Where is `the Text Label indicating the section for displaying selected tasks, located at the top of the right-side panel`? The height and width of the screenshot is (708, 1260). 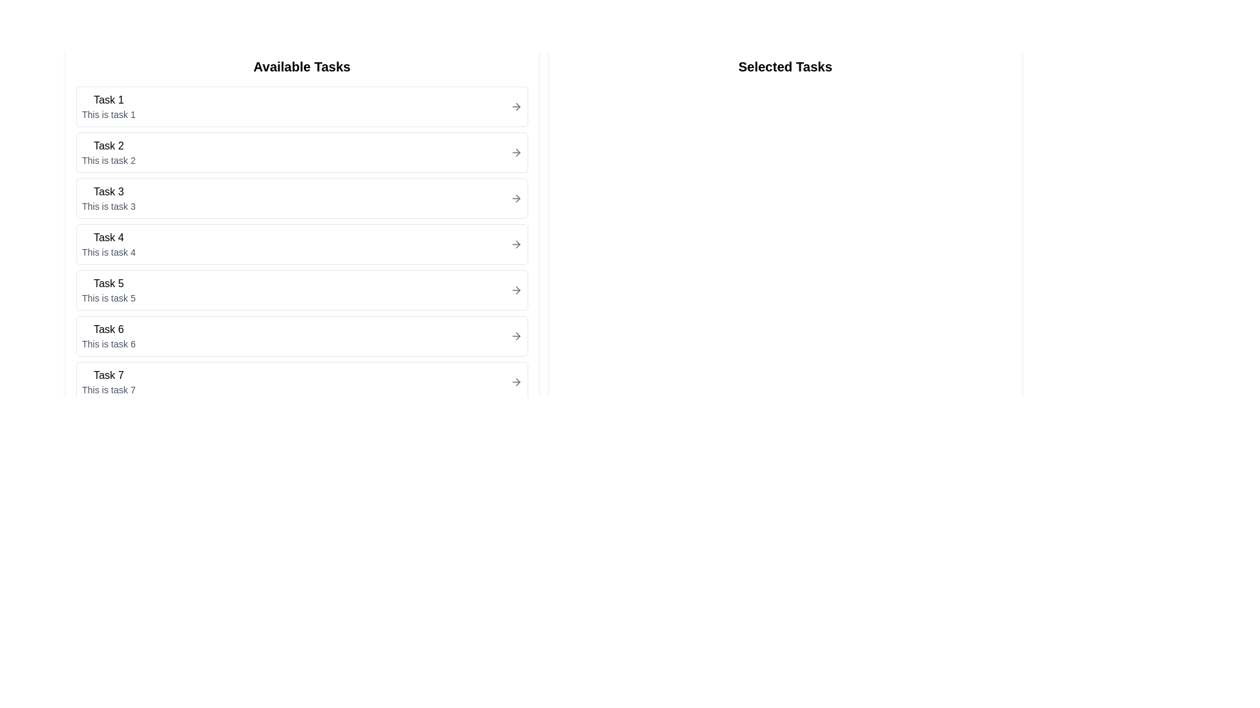
the Text Label indicating the section for displaying selected tasks, located at the top of the right-side panel is located at coordinates (785, 66).